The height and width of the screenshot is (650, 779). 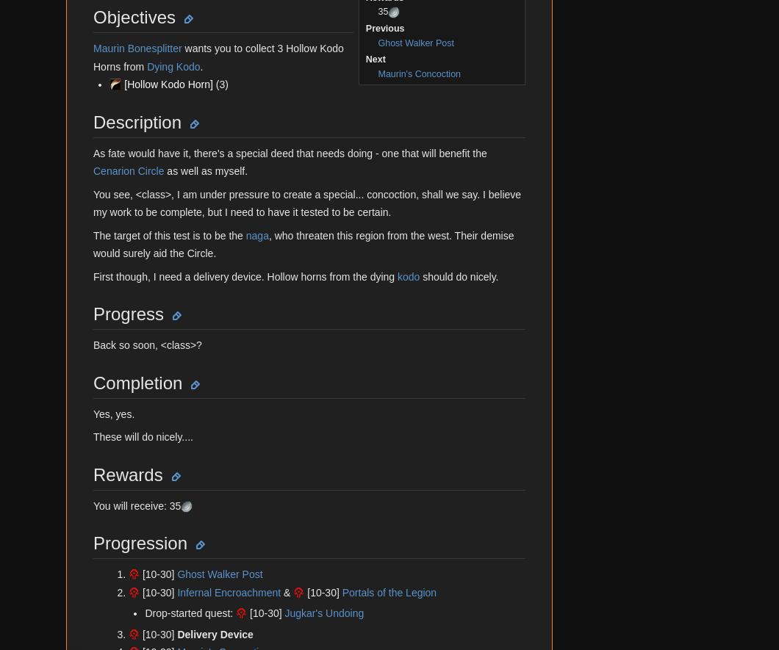 I want to click on 'Follow Us', so click(x=87, y=159).